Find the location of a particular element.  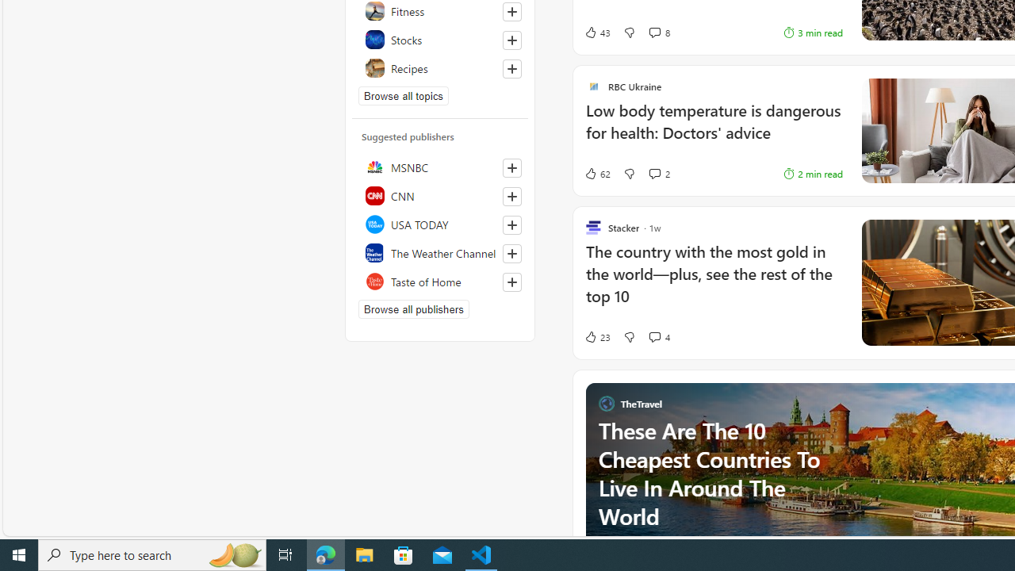

'43 Like' is located at coordinates (596, 33).